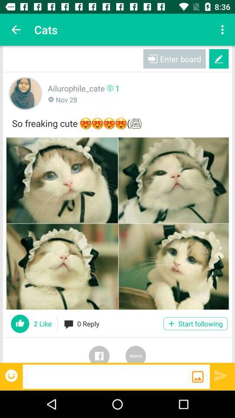 This screenshot has width=235, height=418. What do you see at coordinates (117, 223) in the screenshot?
I see `pictures` at bounding box center [117, 223].